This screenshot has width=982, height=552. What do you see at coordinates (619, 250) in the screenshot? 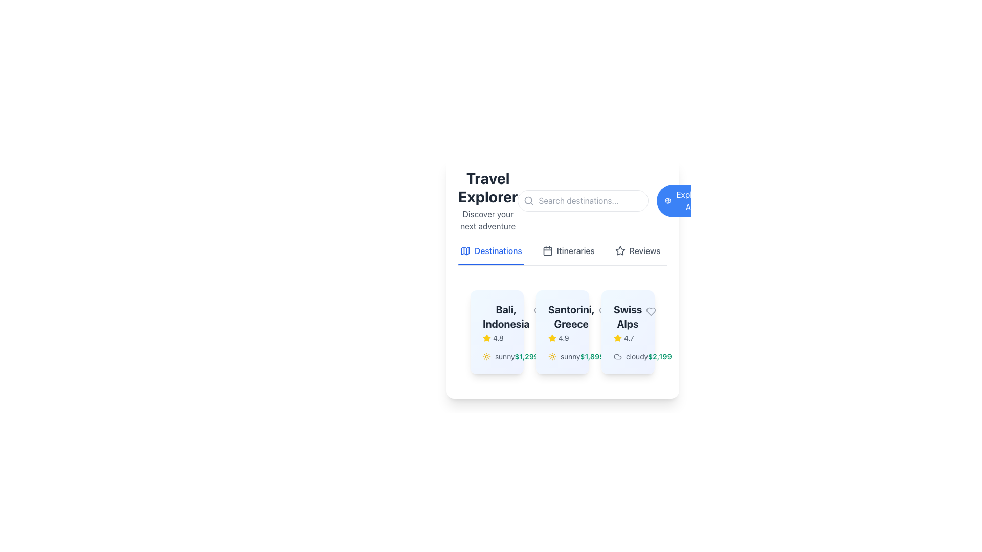
I see `the decorative star icon located to the left of the 'Reviews' text in the horizontal menu group` at bounding box center [619, 250].